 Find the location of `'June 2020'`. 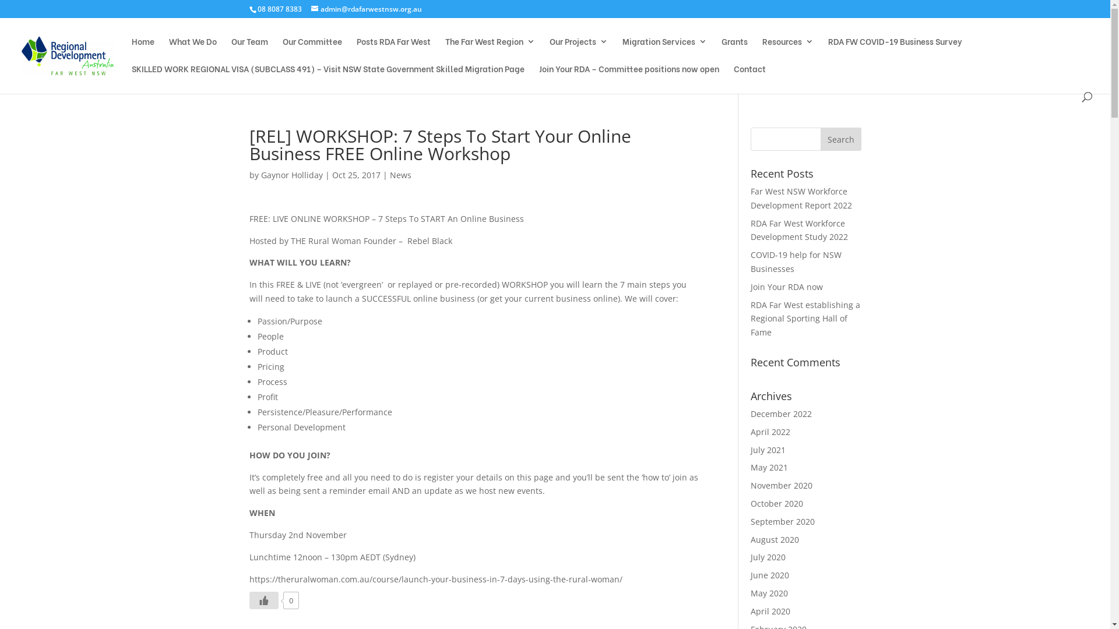

'June 2020' is located at coordinates (769, 574).